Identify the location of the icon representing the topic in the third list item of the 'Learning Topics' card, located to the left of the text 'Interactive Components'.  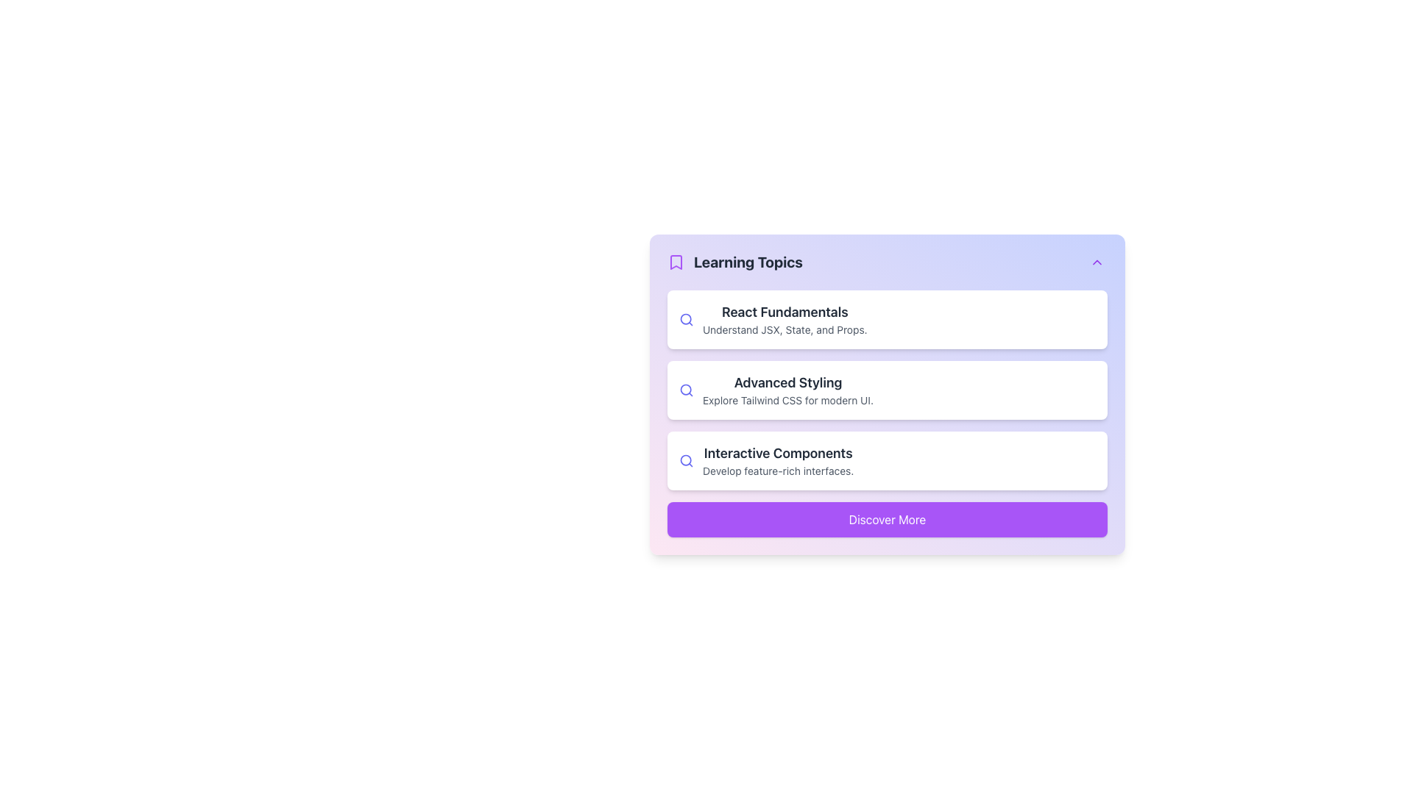
(685, 460).